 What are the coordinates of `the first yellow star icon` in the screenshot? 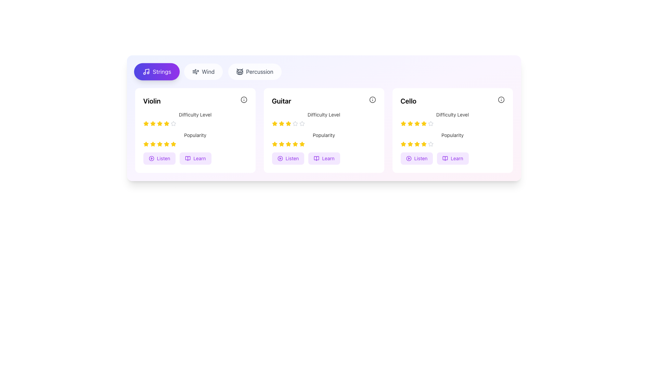 It's located at (145, 143).